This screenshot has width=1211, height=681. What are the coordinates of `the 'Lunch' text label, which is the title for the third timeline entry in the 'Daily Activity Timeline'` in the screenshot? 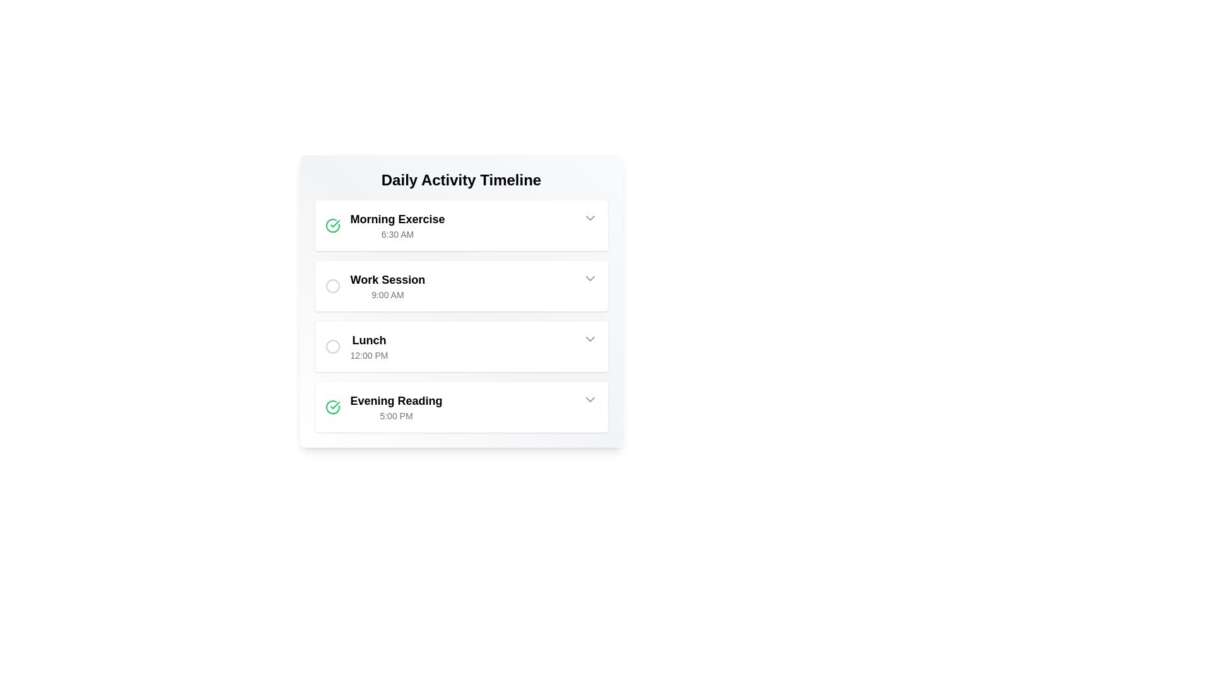 It's located at (368, 340).